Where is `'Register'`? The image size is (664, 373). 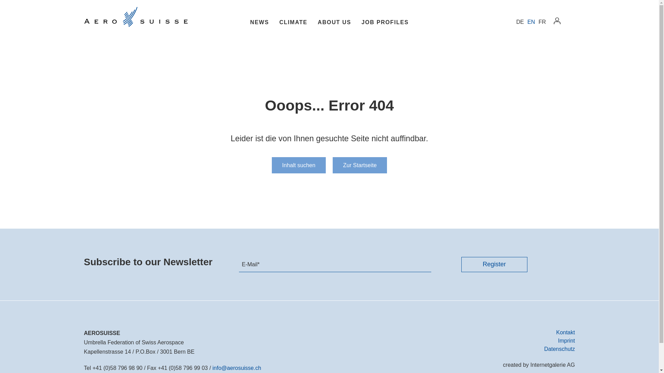
'Register' is located at coordinates (494, 264).